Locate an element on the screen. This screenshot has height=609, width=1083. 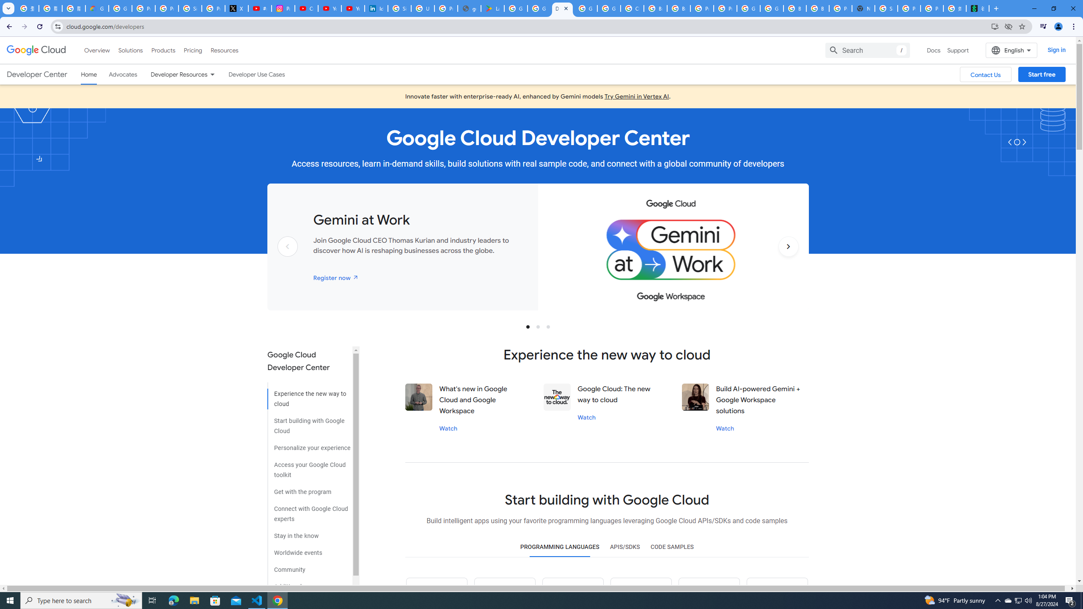
'Start free' is located at coordinates (1042, 74).